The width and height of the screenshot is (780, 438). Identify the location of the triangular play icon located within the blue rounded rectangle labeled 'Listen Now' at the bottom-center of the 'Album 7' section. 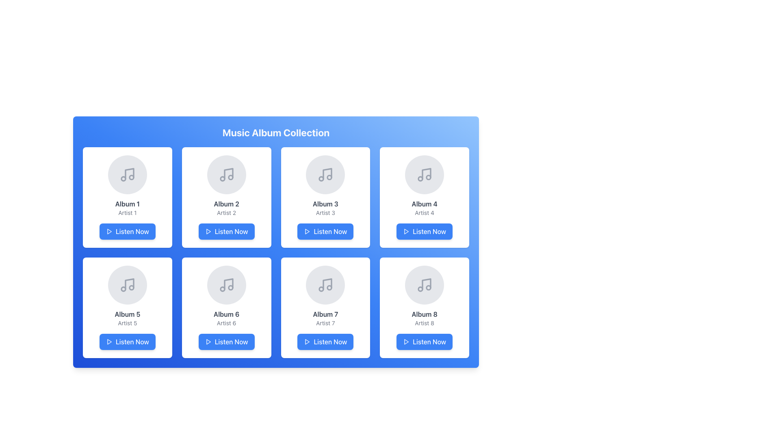
(307, 342).